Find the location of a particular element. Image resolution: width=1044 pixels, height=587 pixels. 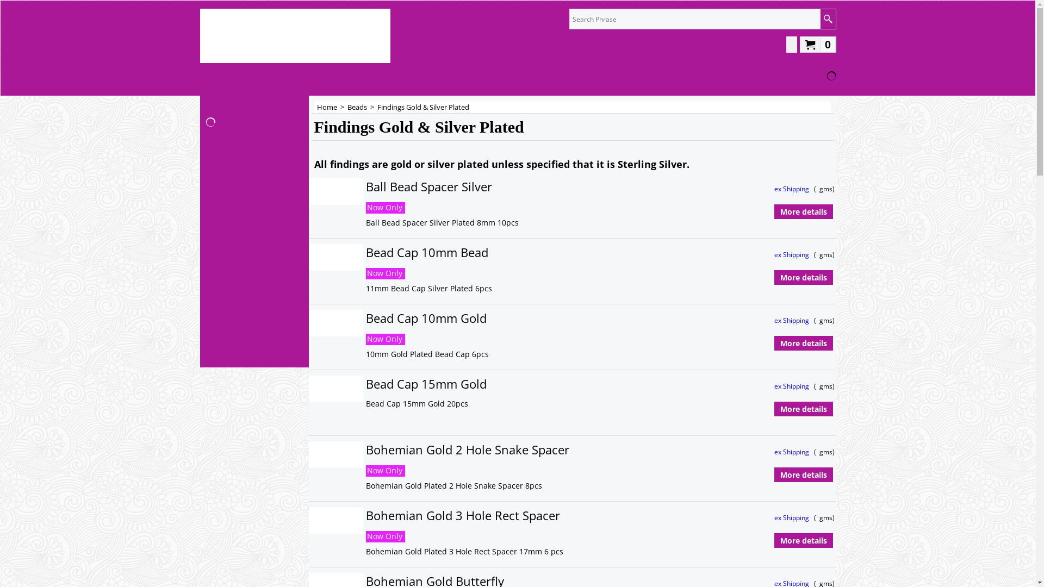

'Bead Cap 10mm Gold' is located at coordinates (365, 318).